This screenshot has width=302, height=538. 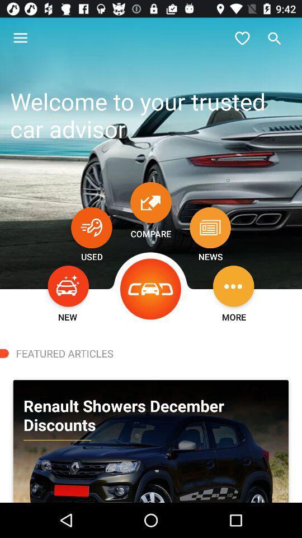 What do you see at coordinates (91, 227) in the screenshot?
I see `if used` at bounding box center [91, 227].